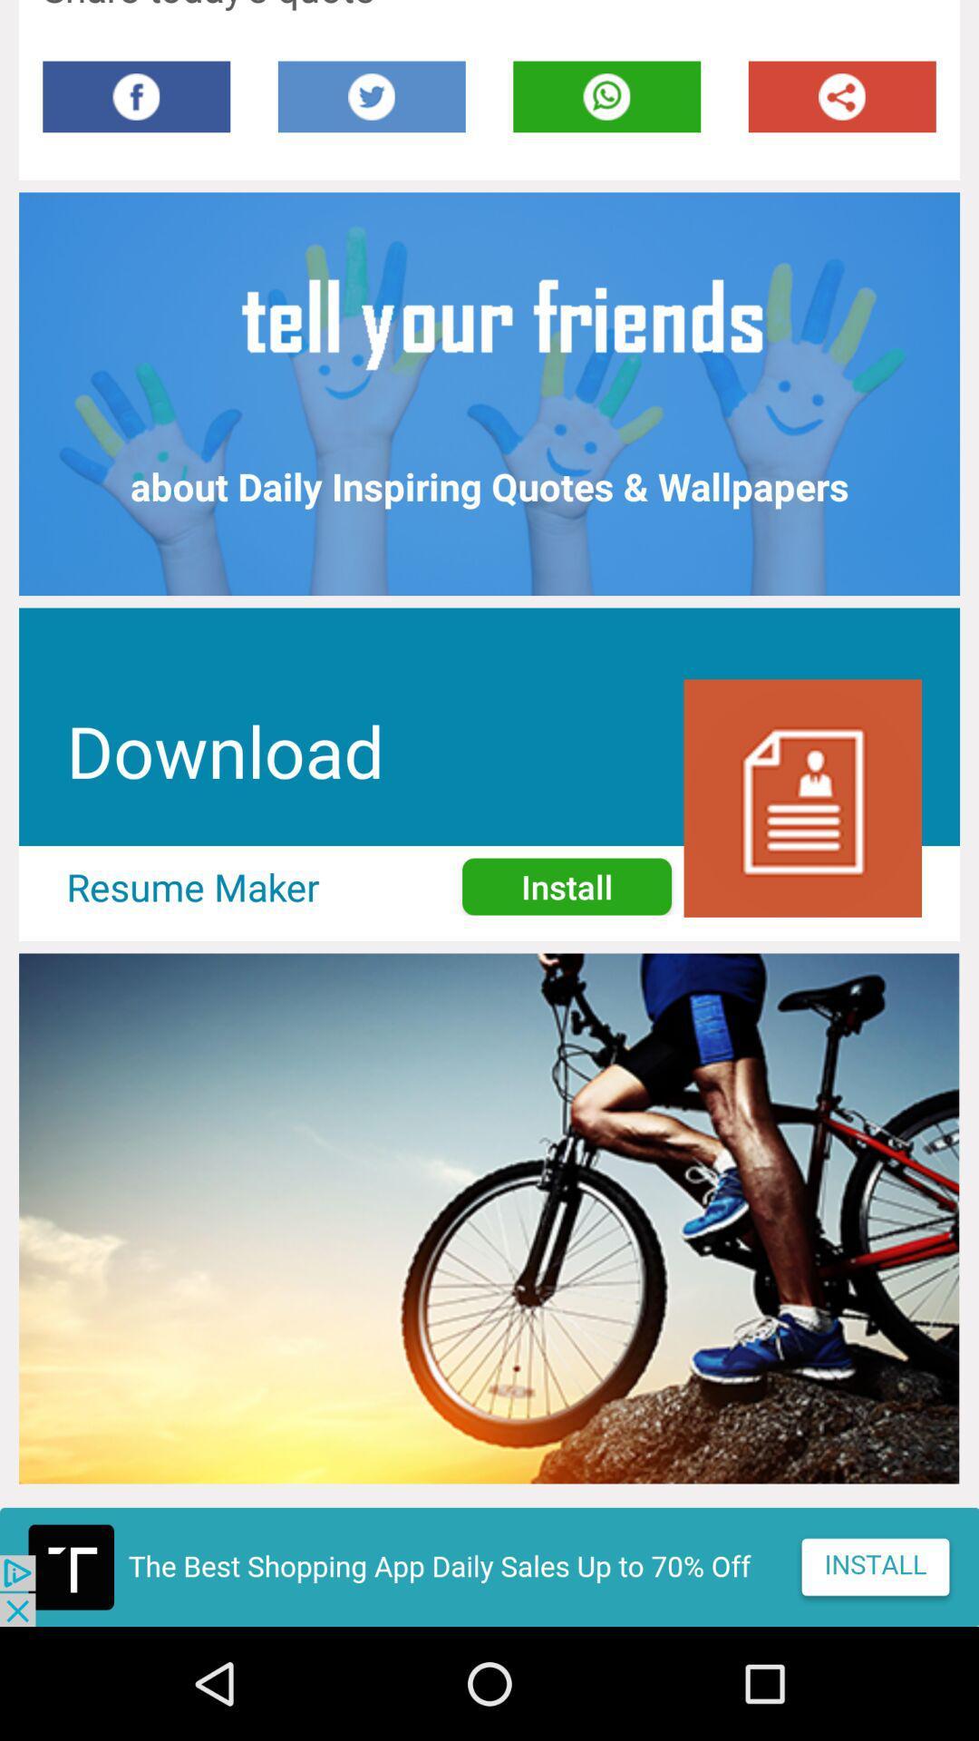 This screenshot has height=1741, width=979. Describe the element at coordinates (489, 1566) in the screenshot. I see `install` at that location.